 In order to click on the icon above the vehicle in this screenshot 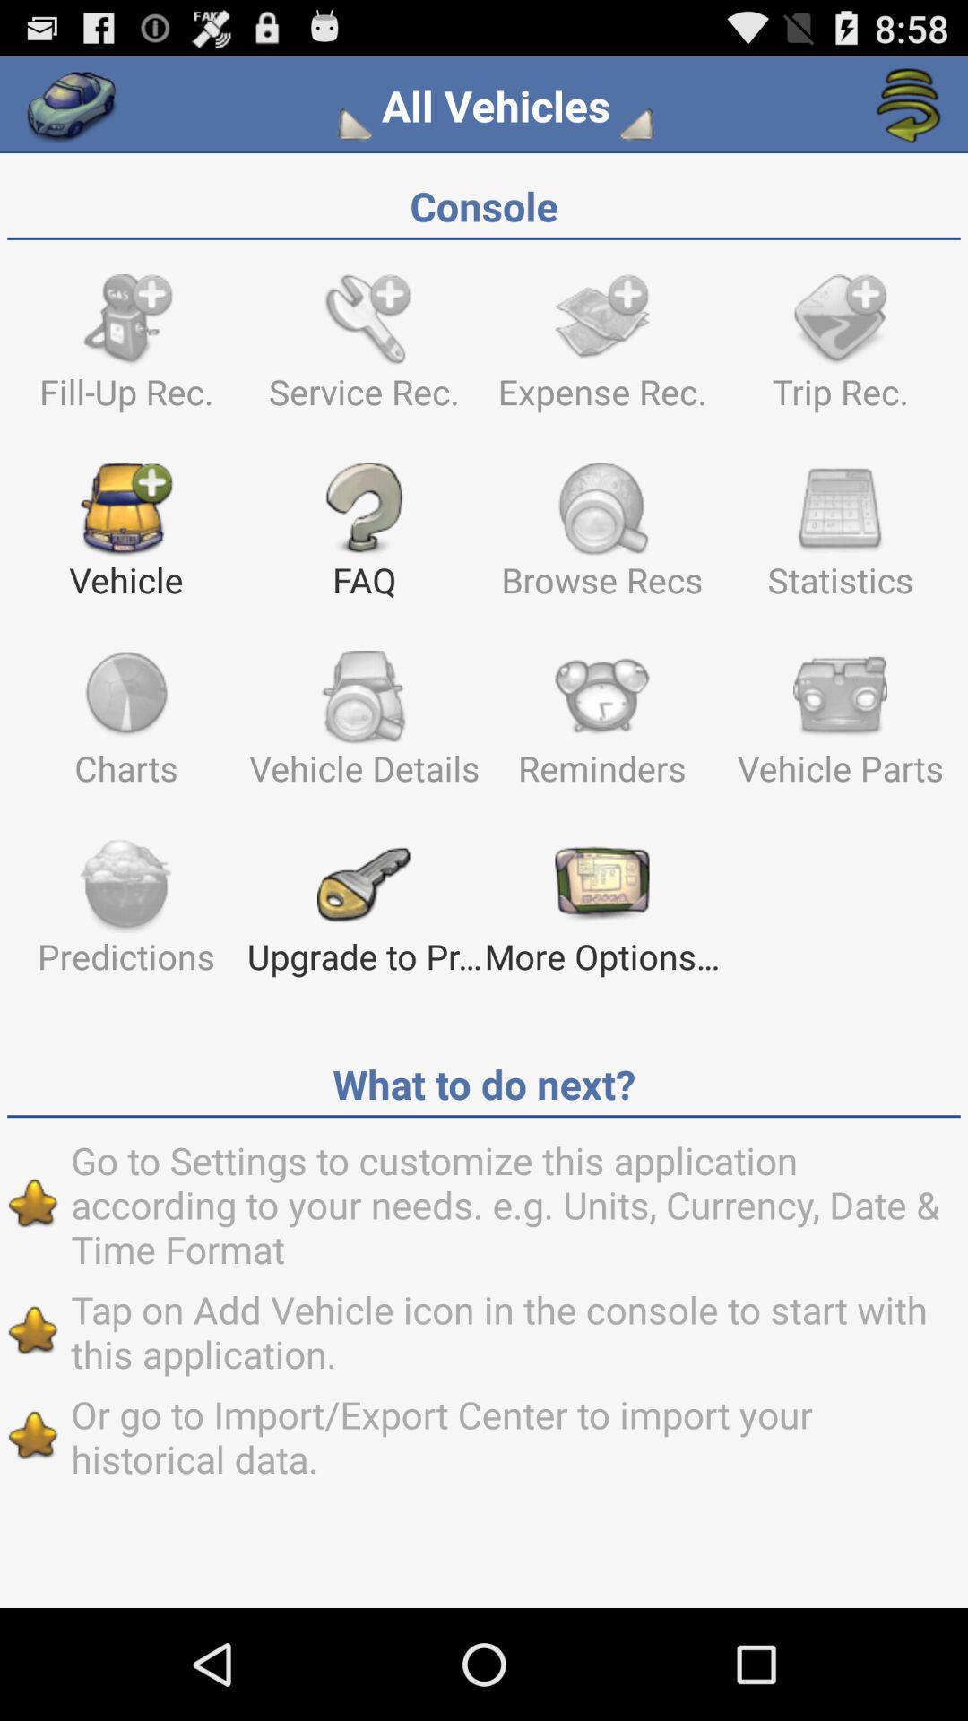, I will do `click(125, 350)`.